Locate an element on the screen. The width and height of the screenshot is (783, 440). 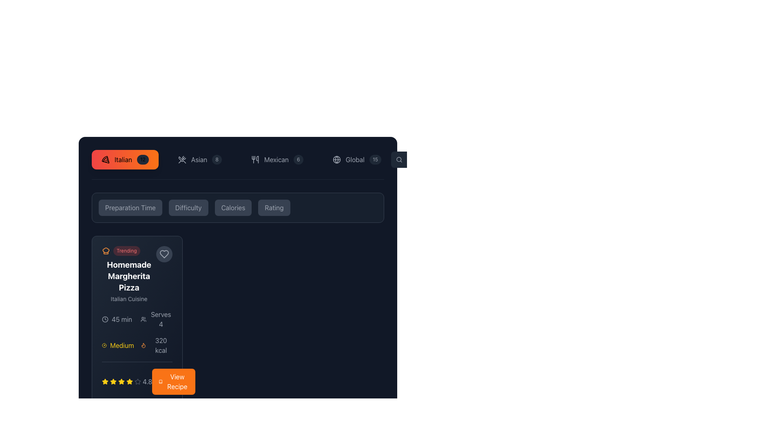
the 'View Recipe' button with a vibrant orange background and white text is located at coordinates (173, 382).